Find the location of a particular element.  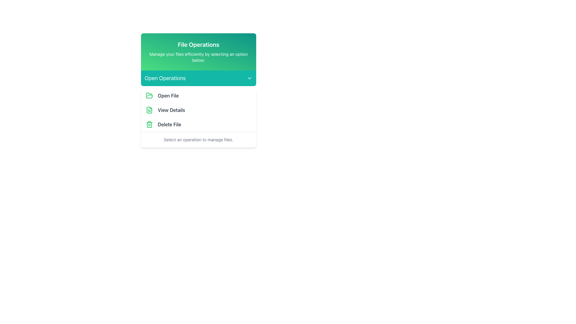

text indicator for the 'View Details' option located below the 'Open File' option in the 'Open Operations' section is located at coordinates (171, 110).